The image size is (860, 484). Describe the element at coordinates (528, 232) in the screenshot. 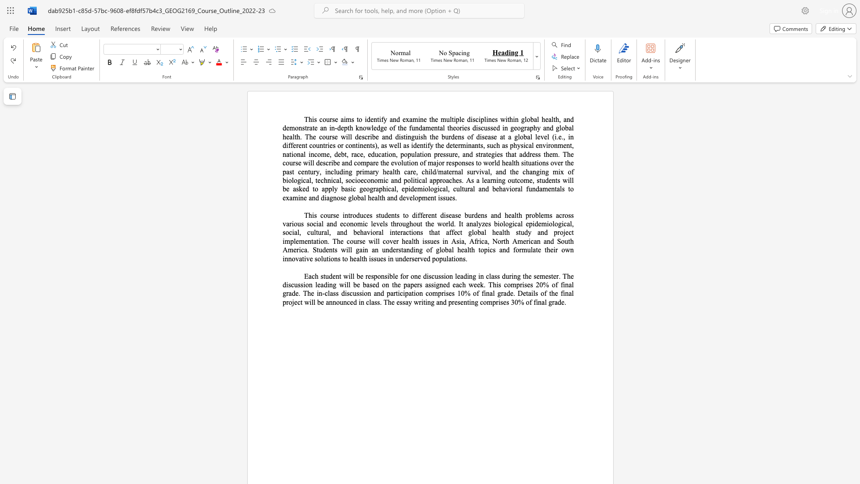

I see `the subset text "y and project implementation. The course will cover health issues in Asia, Africa, North Amer" within the text "This course introduces students to different disease burdens and health problems across various social and economic levels throughout the world. It analyzes biological epidemiological, social, cultural, and behavioral interactions that affect global health study and project implementation. The course will cover health issues in Asia, Africa, North American and South America. Students will gain an understanding of global health topics and formulate their own innovative solutions to health issues in underserv"` at that location.